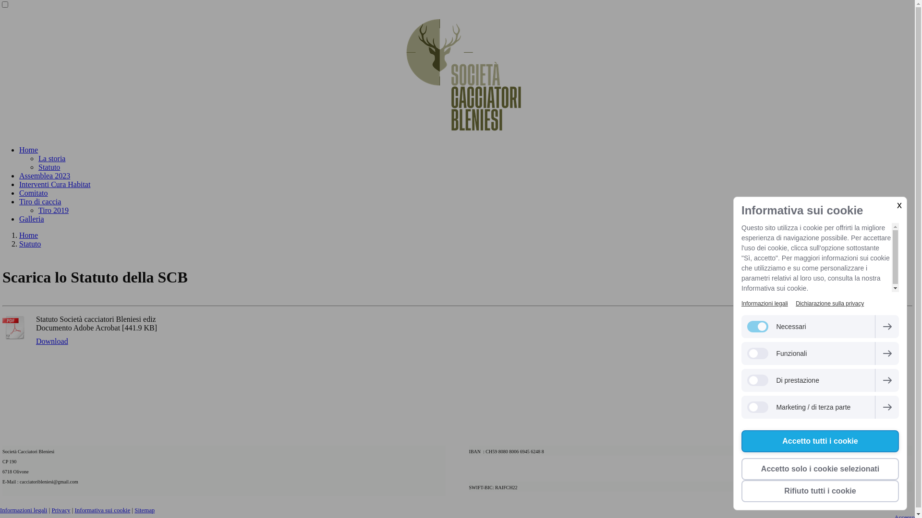 The width and height of the screenshot is (922, 518). What do you see at coordinates (820, 469) in the screenshot?
I see `'Accetto solo i cookie selezionati'` at bounding box center [820, 469].